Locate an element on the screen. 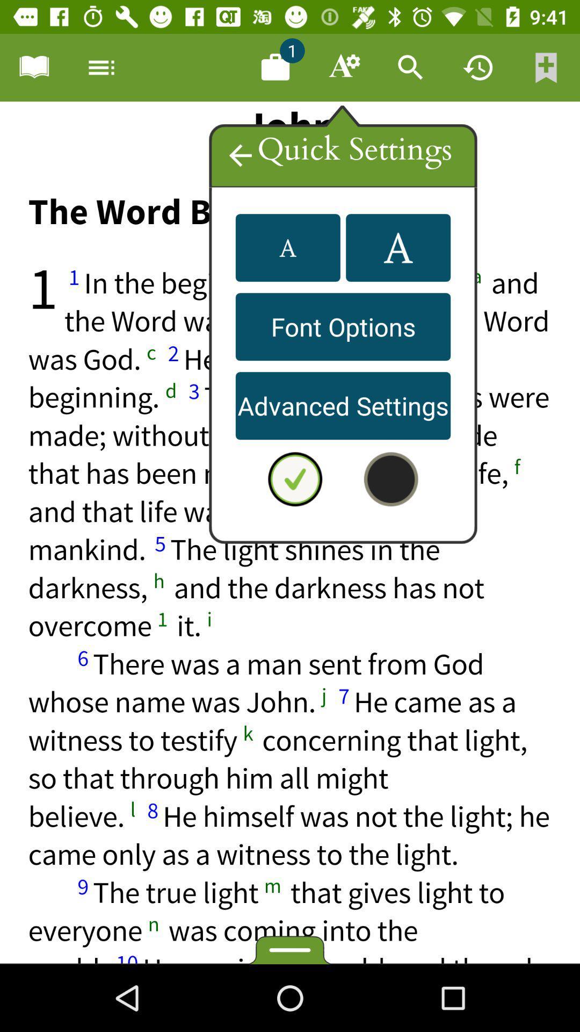 Image resolution: width=580 pixels, height=1032 pixels. search text is located at coordinates (410, 67).